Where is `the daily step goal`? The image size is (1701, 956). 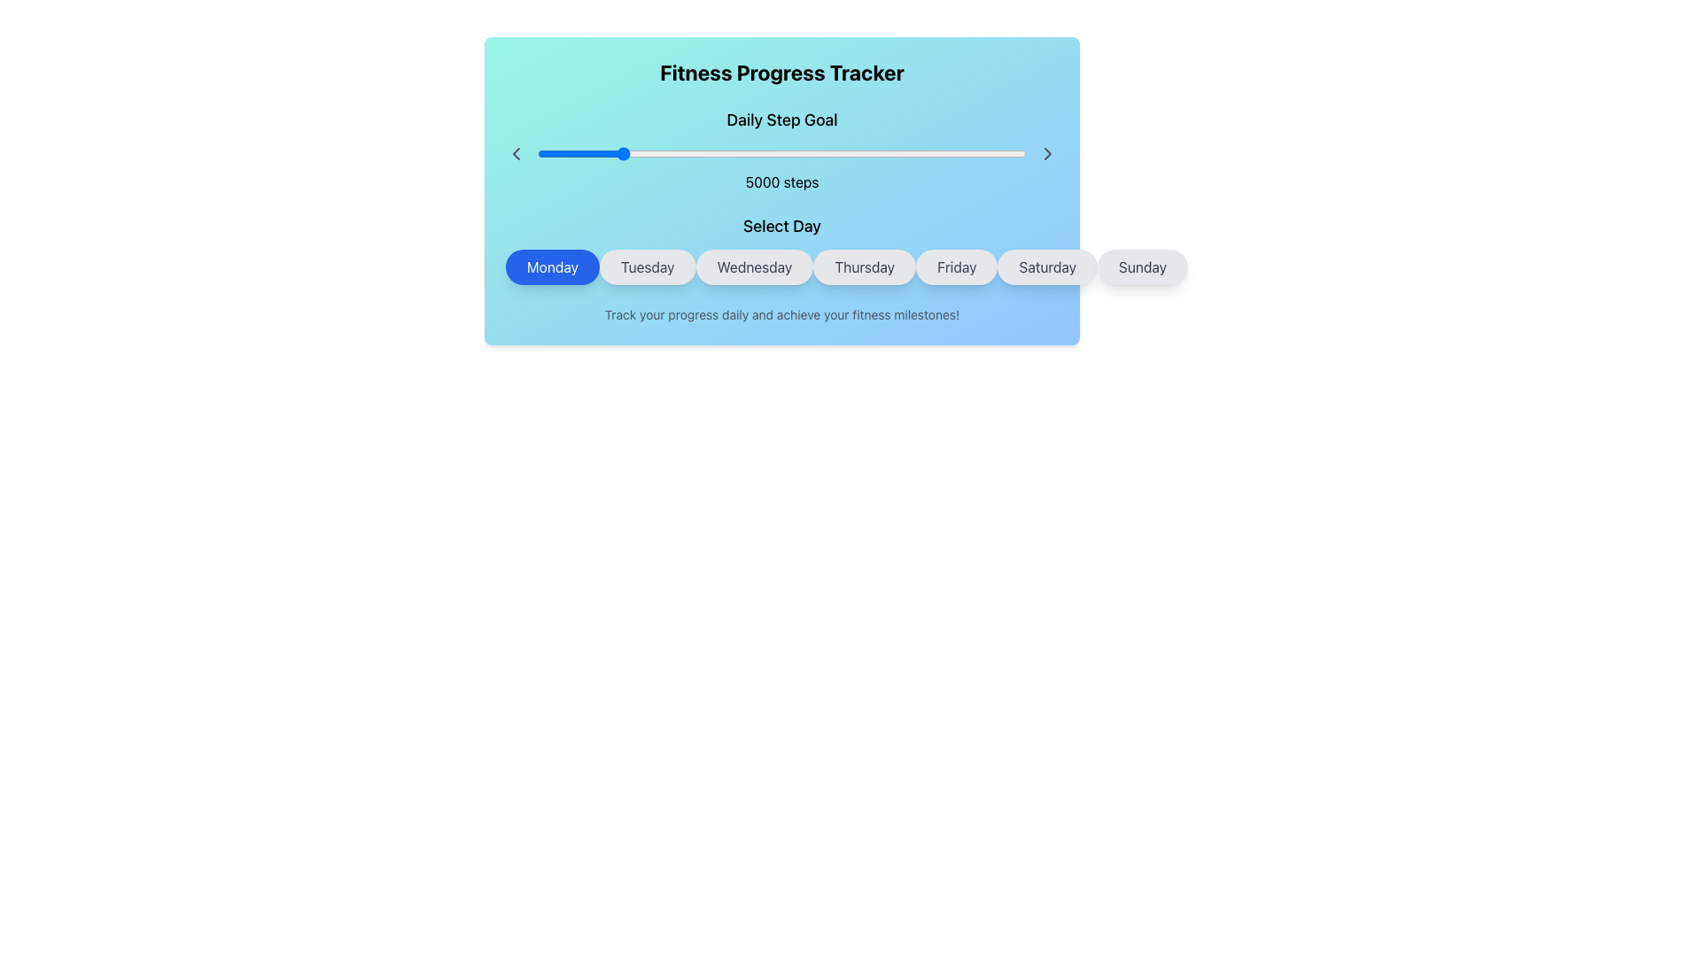
the daily step goal is located at coordinates (632, 152).